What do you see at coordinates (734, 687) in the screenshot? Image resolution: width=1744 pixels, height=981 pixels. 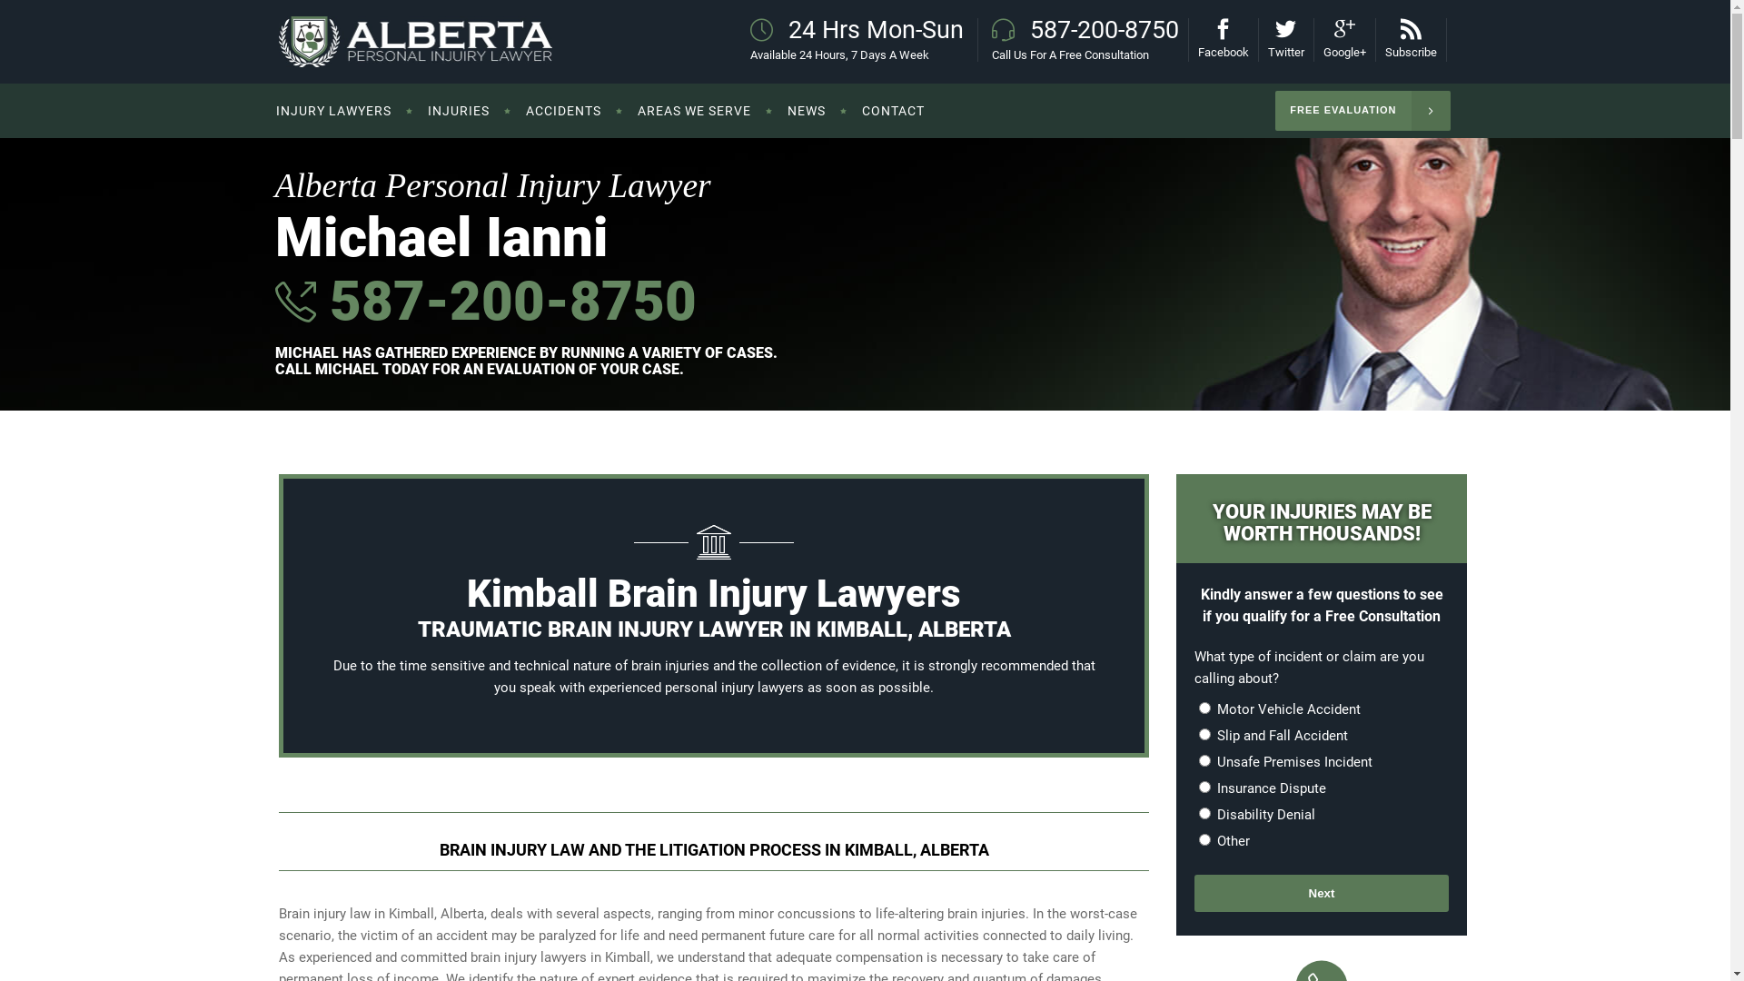 I see `'personal injury lawyers'` at bounding box center [734, 687].